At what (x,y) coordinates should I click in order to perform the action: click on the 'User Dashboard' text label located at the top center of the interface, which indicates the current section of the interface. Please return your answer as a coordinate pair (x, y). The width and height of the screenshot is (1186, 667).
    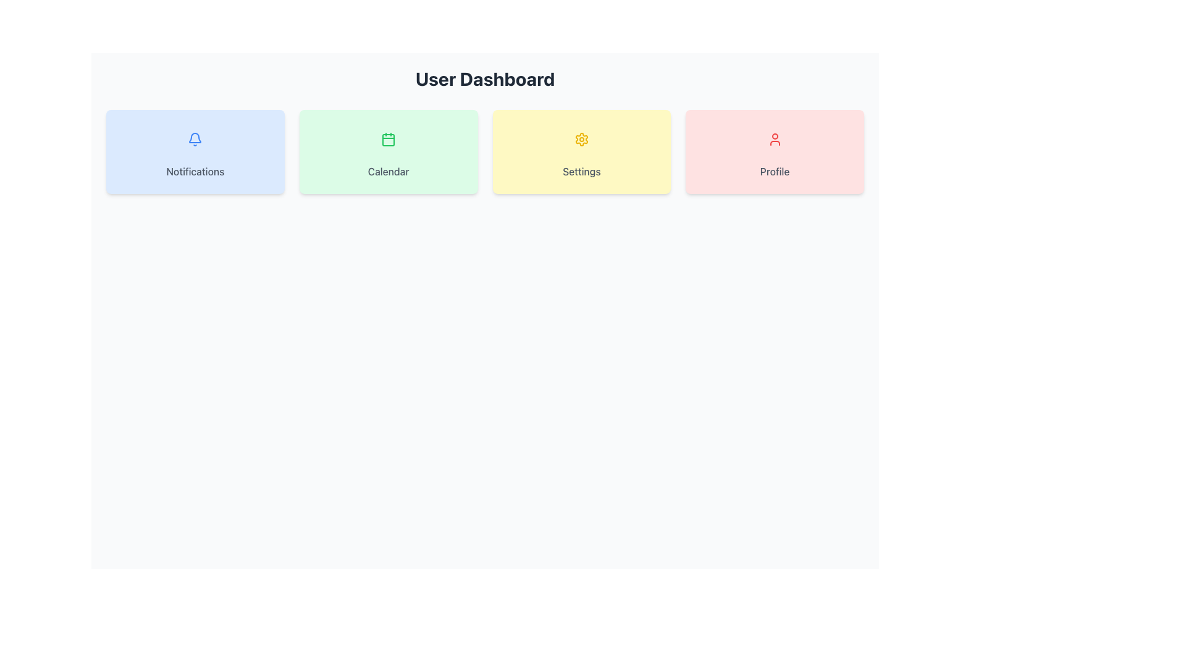
    Looking at the image, I should click on (484, 78).